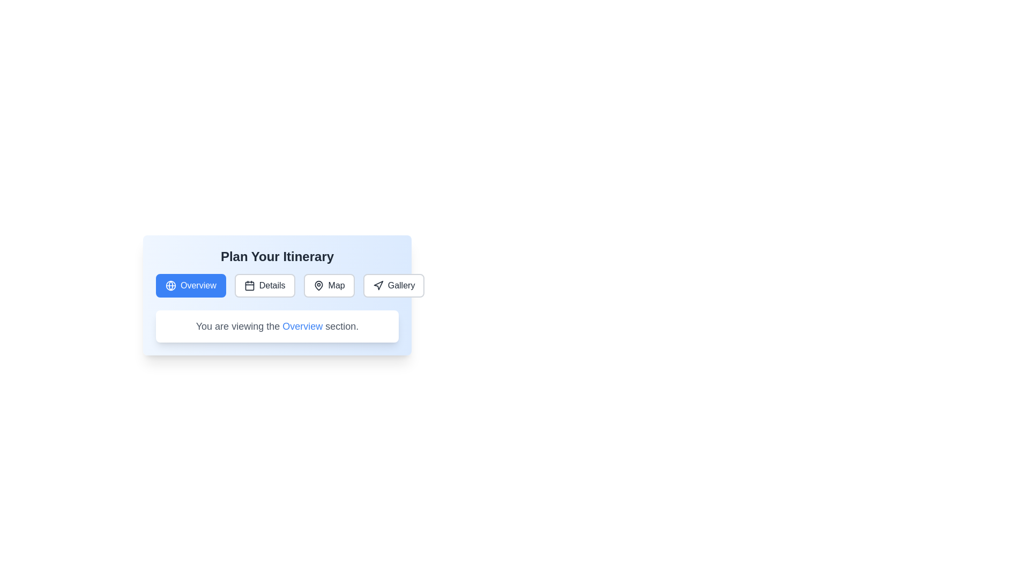 This screenshot has width=1029, height=579. Describe the element at coordinates (191, 285) in the screenshot. I see `the 'Overview' button, which is the first button in a row of four buttons labeled 'Overview', 'Details', 'Map', and 'Gallery', located at the top left of the button group, to possibly see a tooltip` at that location.